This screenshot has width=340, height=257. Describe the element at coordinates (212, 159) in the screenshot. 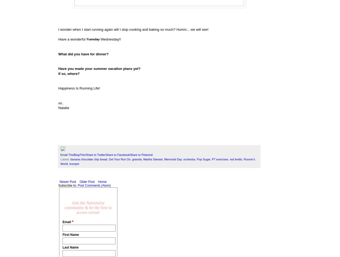

I see `'PT exercises'` at that location.